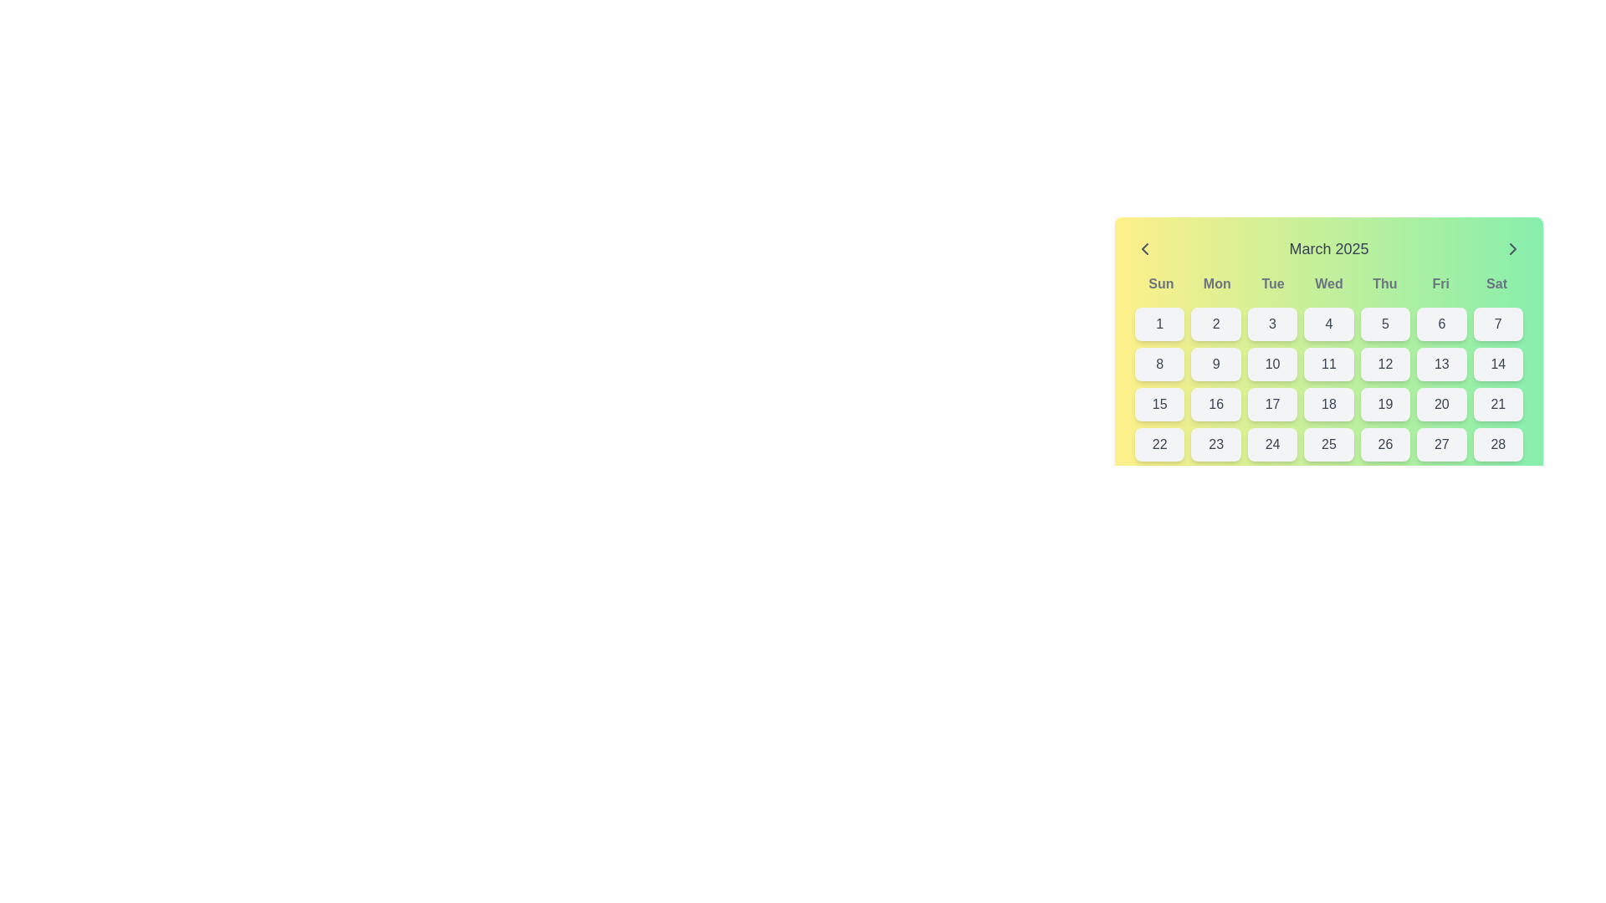  What do you see at coordinates (1160, 283) in the screenshot?
I see `content displayed in the text label showing 'Sun', which is the first element in the header row of the calendar grid` at bounding box center [1160, 283].